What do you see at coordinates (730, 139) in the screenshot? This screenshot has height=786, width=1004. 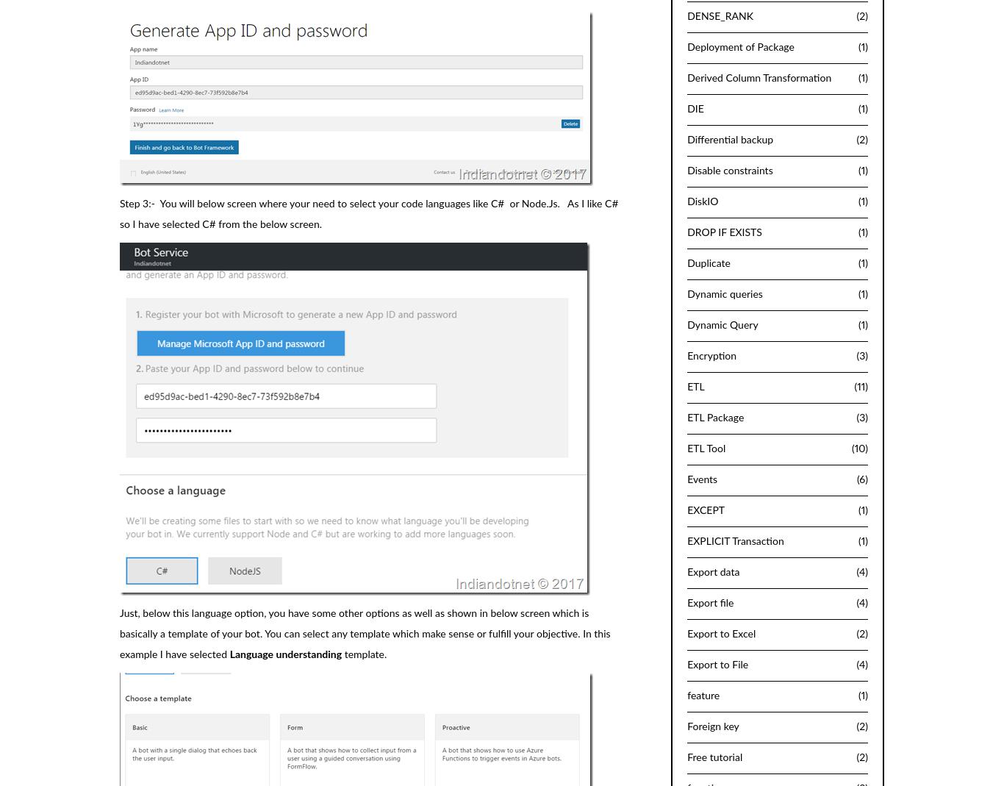 I see `'Differential backup'` at bounding box center [730, 139].